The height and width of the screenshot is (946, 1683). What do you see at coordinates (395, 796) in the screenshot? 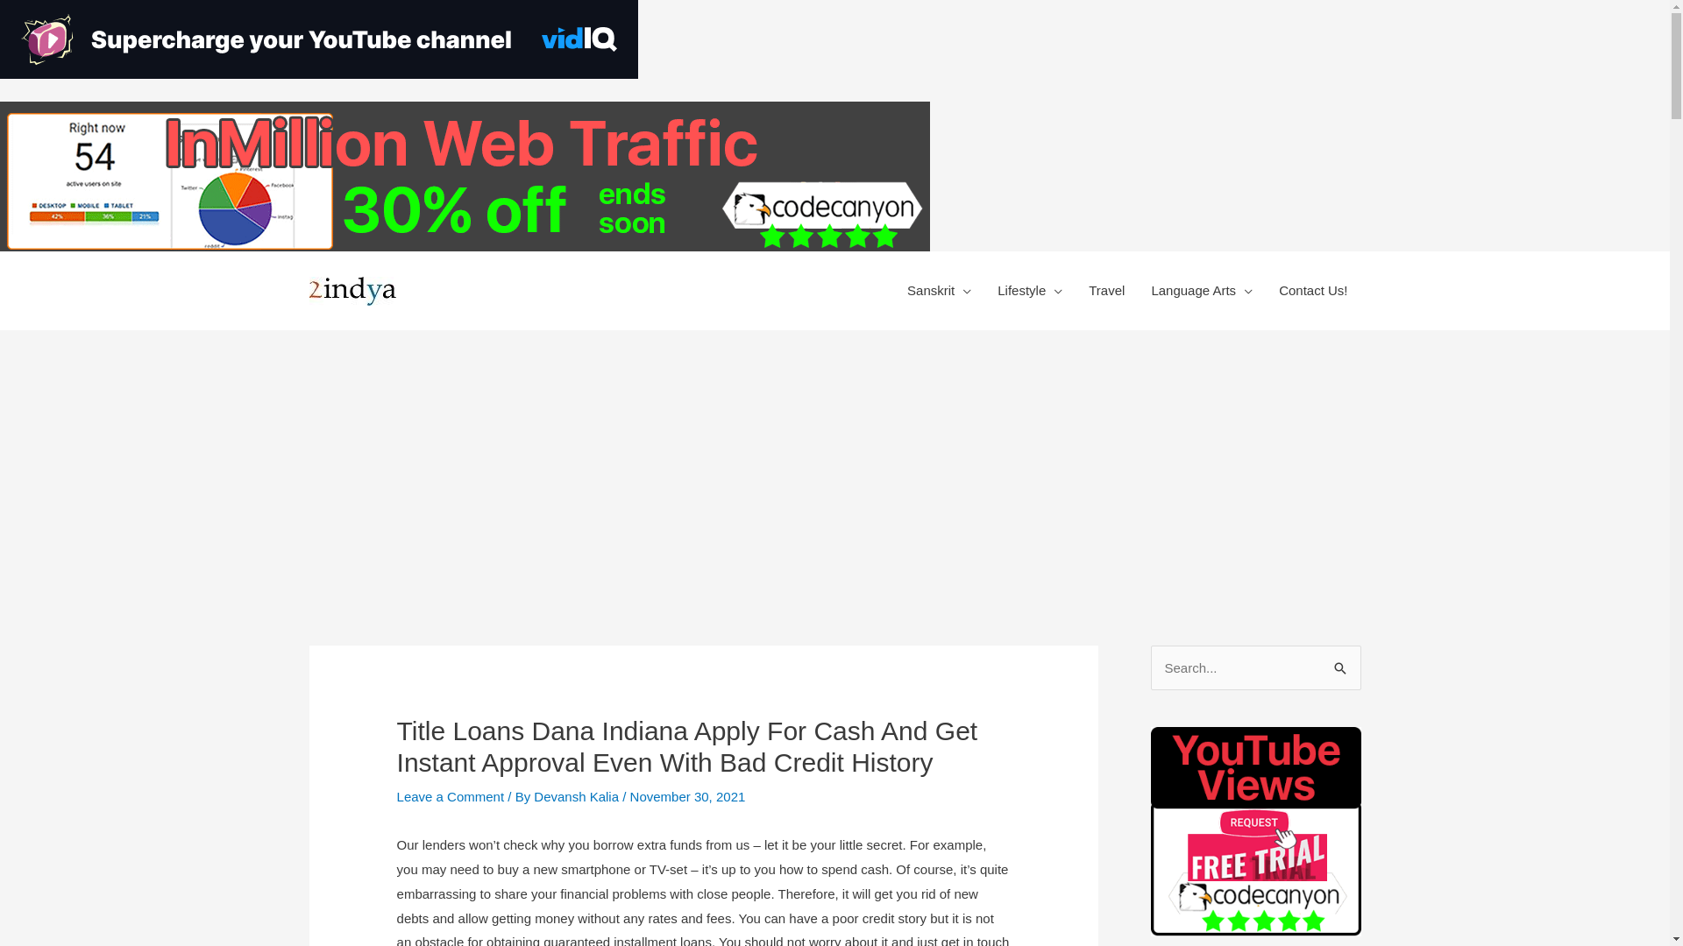
I see `'Leave a Comment'` at bounding box center [395, 796].